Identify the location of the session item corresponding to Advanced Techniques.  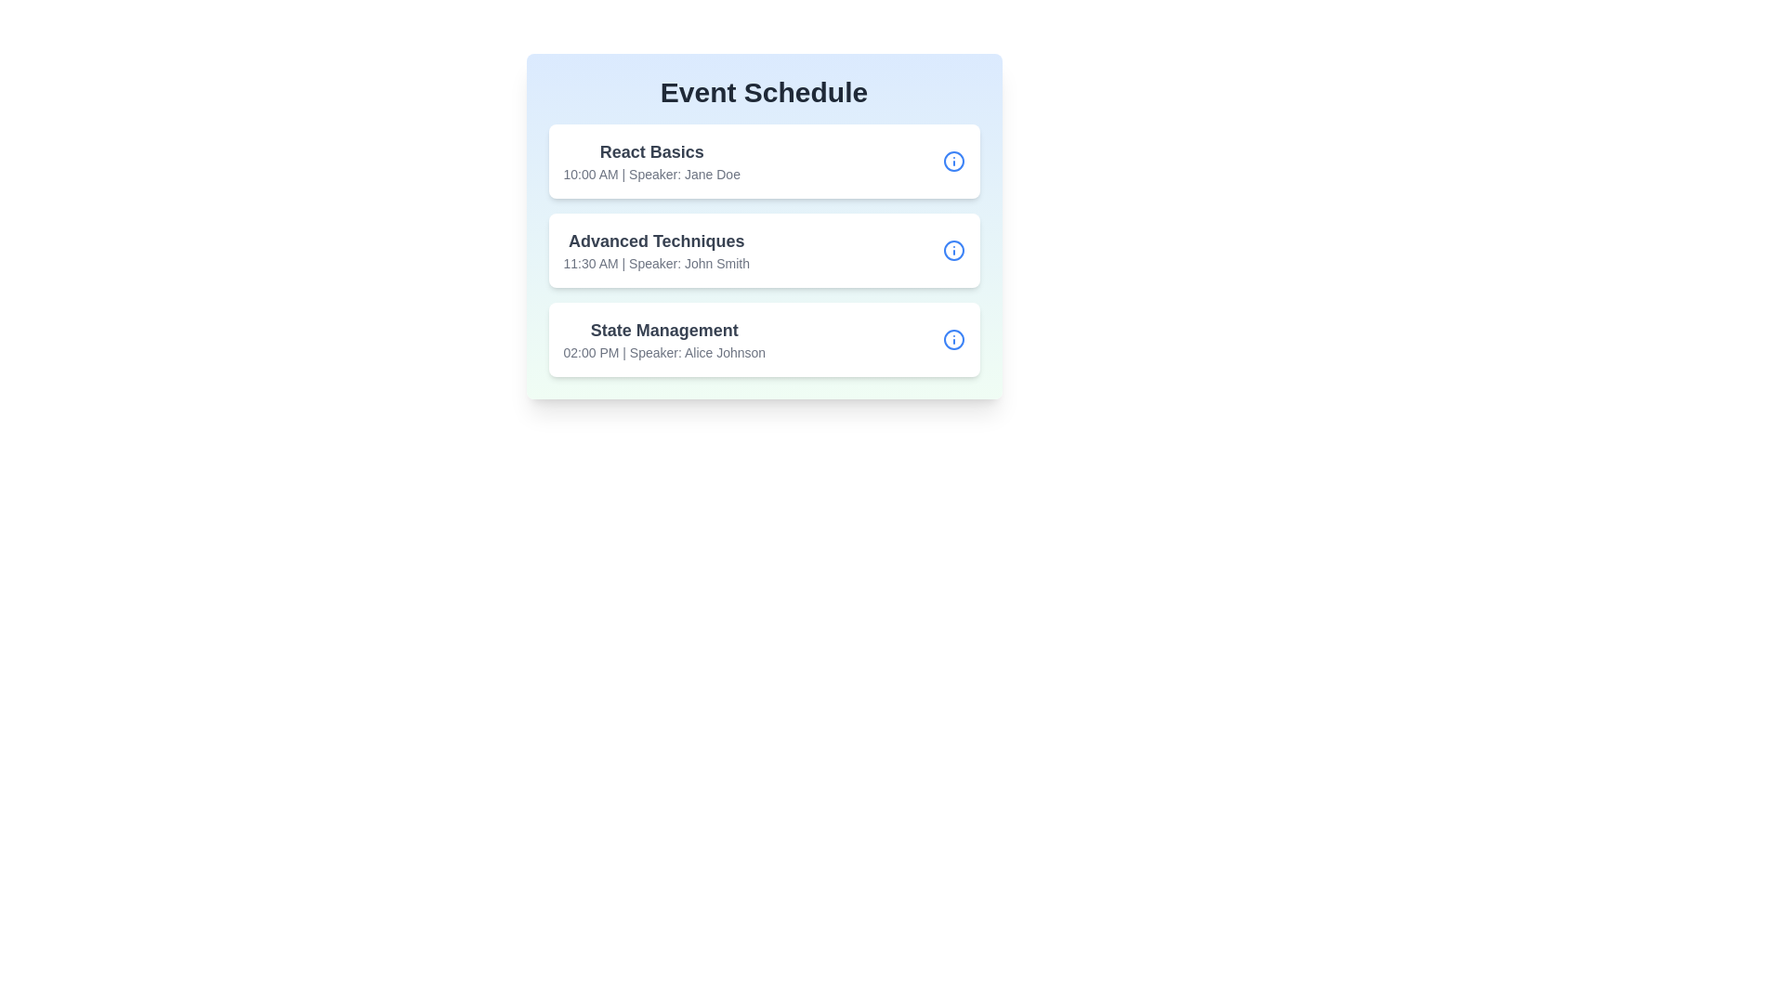
(764, 251).